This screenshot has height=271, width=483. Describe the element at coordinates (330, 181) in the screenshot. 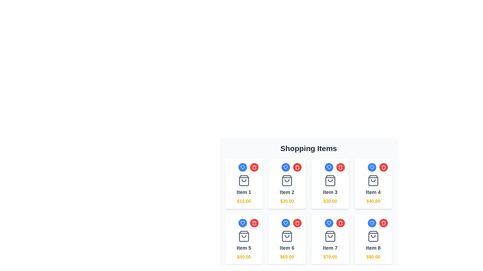

I see `the shopping bag icon for the third item in the grid layout, which is located above the text 'Item 3' and '$30.00'` at that location.